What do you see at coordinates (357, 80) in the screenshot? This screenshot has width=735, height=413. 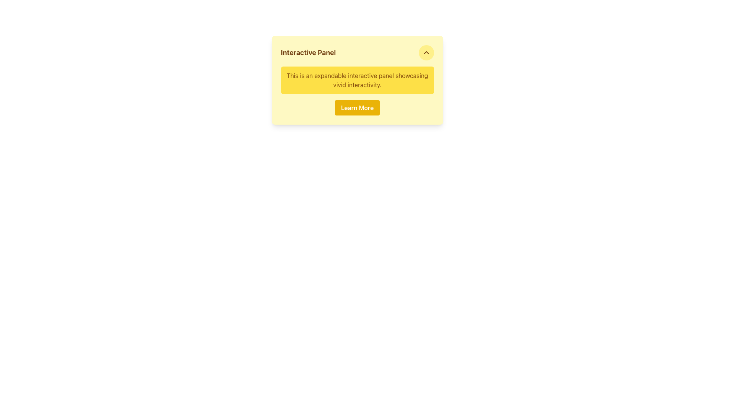 I see `the descriptive text within the yellow interactive card component below the title 'Interactive Panel'` at bounding box center [357, 80].